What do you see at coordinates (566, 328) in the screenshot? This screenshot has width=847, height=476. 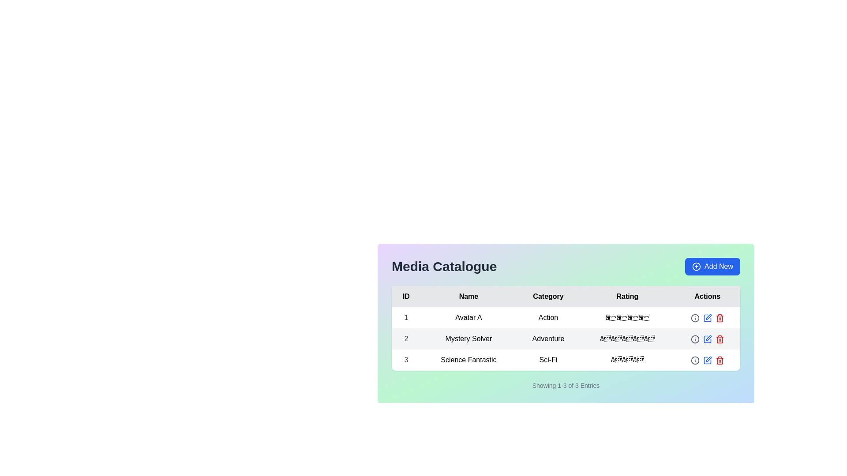 I see `and inspect the data presented in the centrally located data table within the 'Media Catalogue' interface` at bounding box center [566, 328].